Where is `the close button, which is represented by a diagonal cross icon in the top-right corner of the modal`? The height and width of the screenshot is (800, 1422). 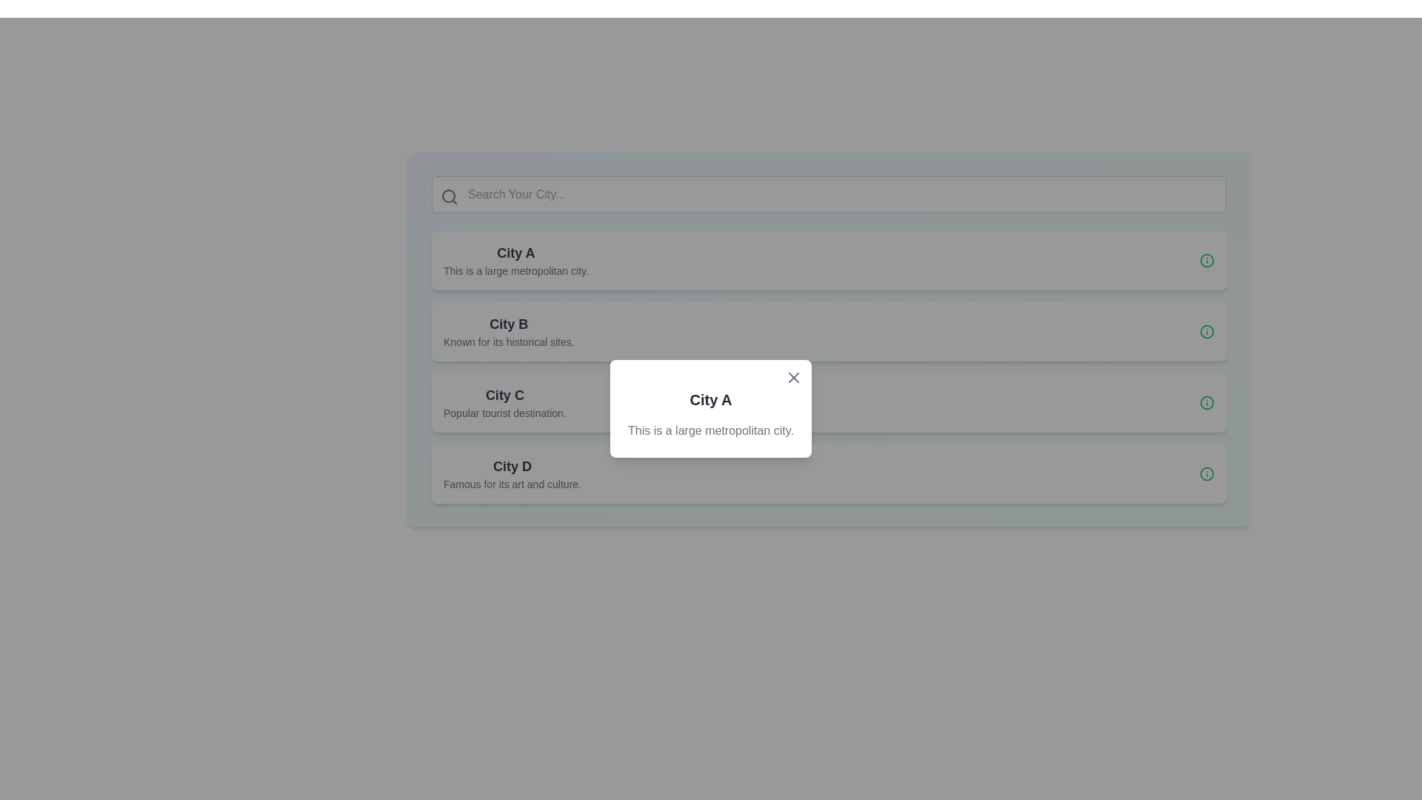
the close button, which is represented by a diagonal cross icon in the top-right corner of the modal is located at coordinates (792, 376).